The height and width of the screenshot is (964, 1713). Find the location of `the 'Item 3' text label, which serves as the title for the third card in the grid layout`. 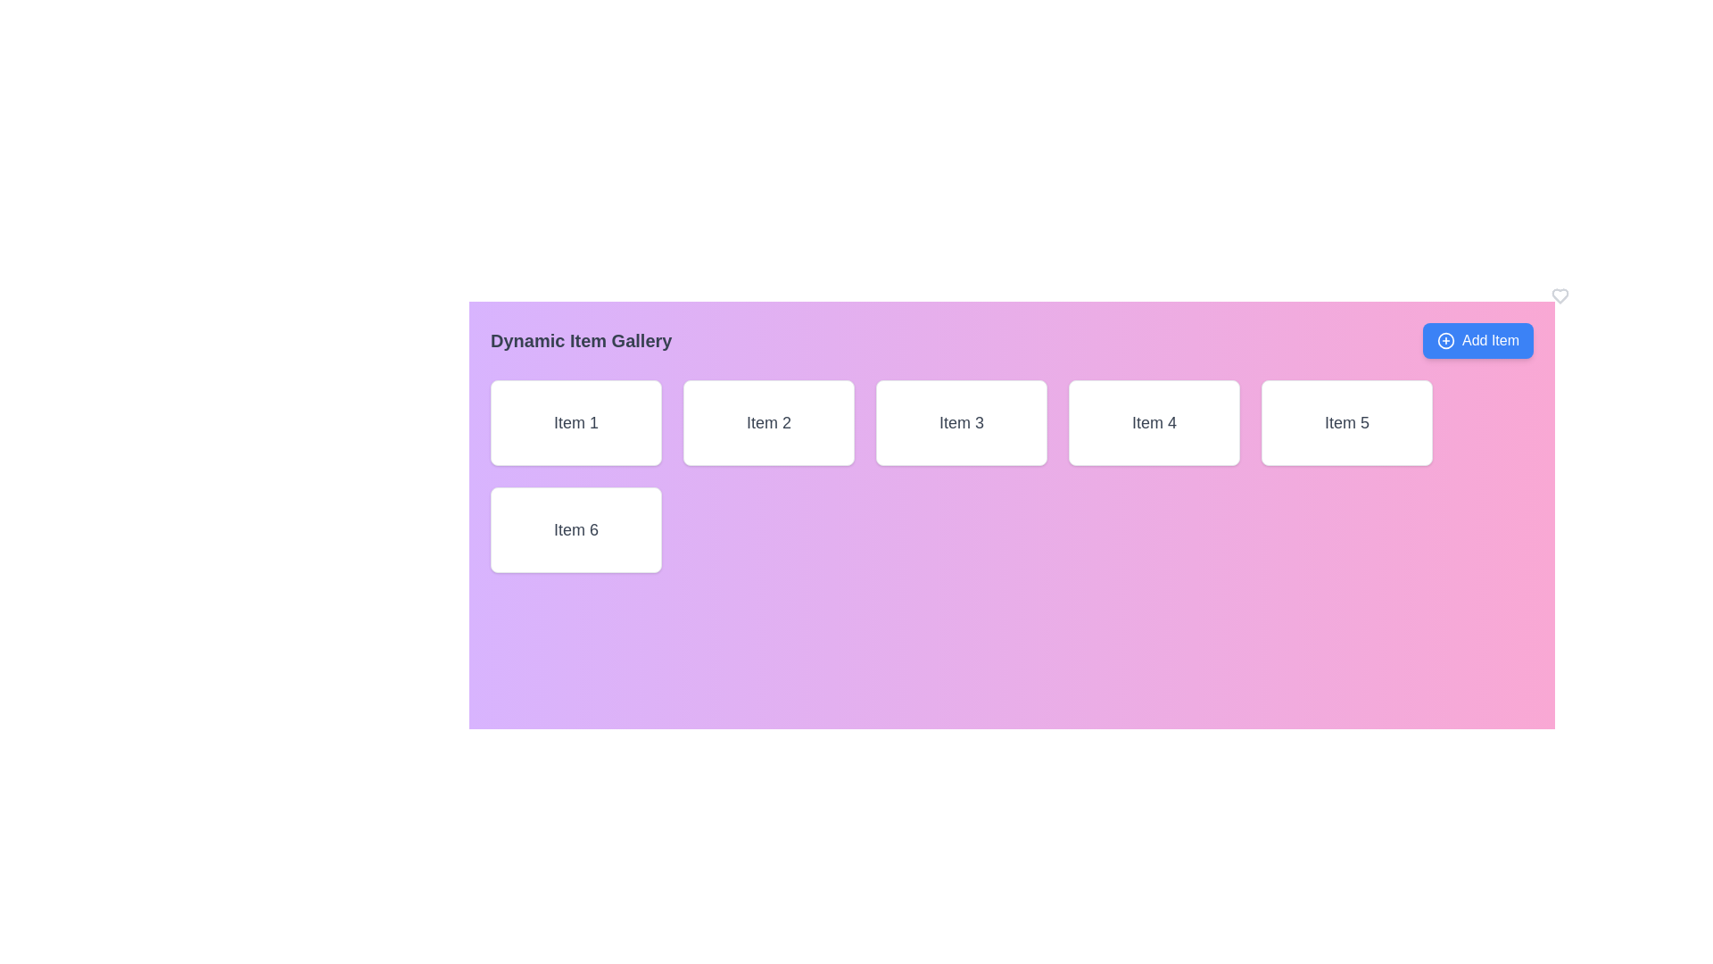

the 'Item 3' text label, which serves as the title for the third card in the grid layout is located at coordinates (961, 423).